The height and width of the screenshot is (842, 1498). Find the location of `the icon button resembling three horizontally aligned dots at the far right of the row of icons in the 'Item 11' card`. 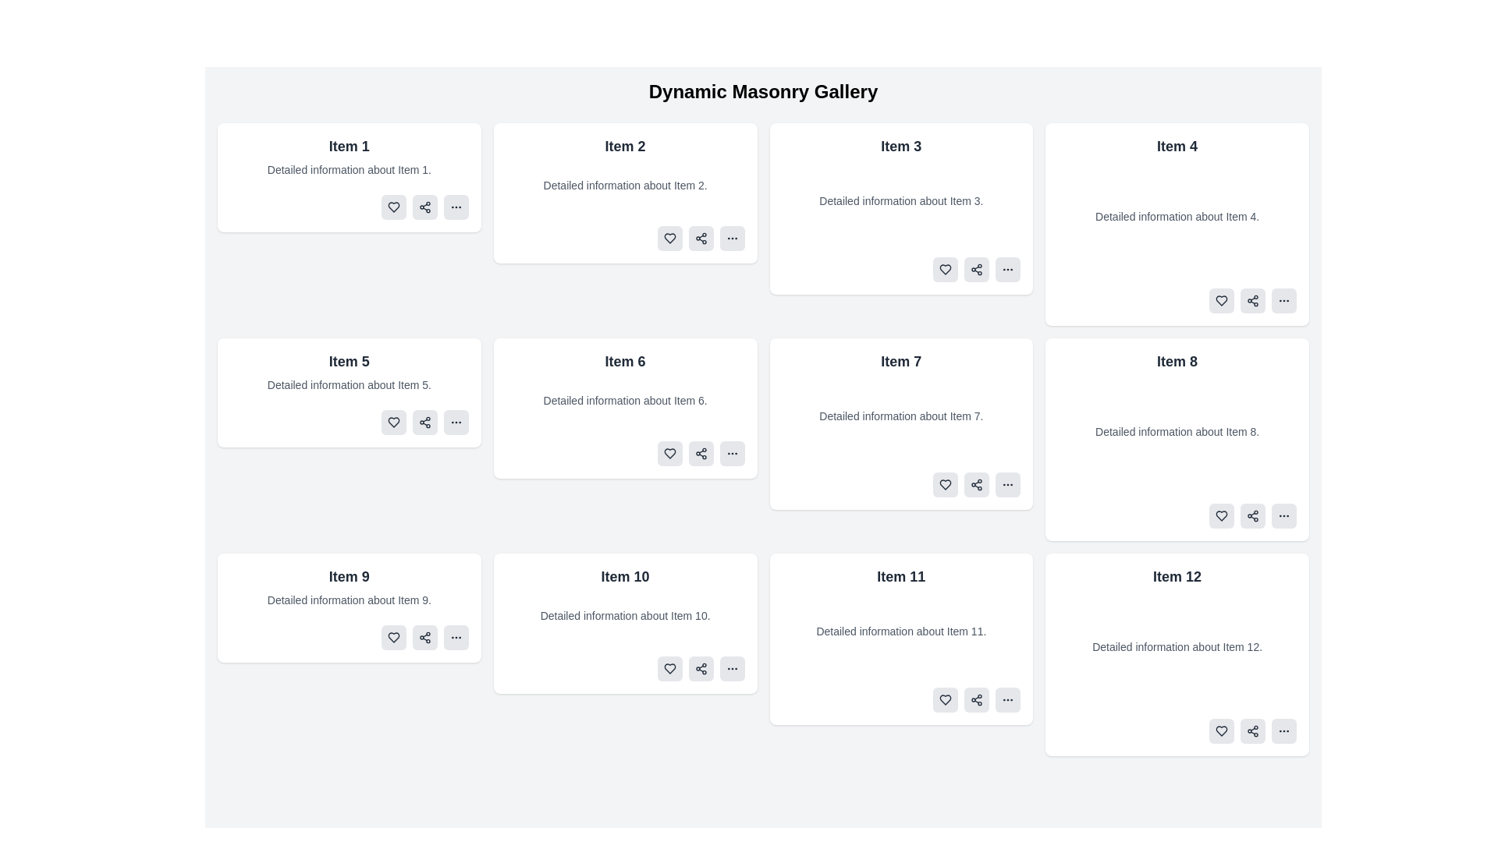

the icon button resembling three horizontally aligned dots at the far right of the row of icons in the 'Item 11' card is located at coordinates (1008, 699).